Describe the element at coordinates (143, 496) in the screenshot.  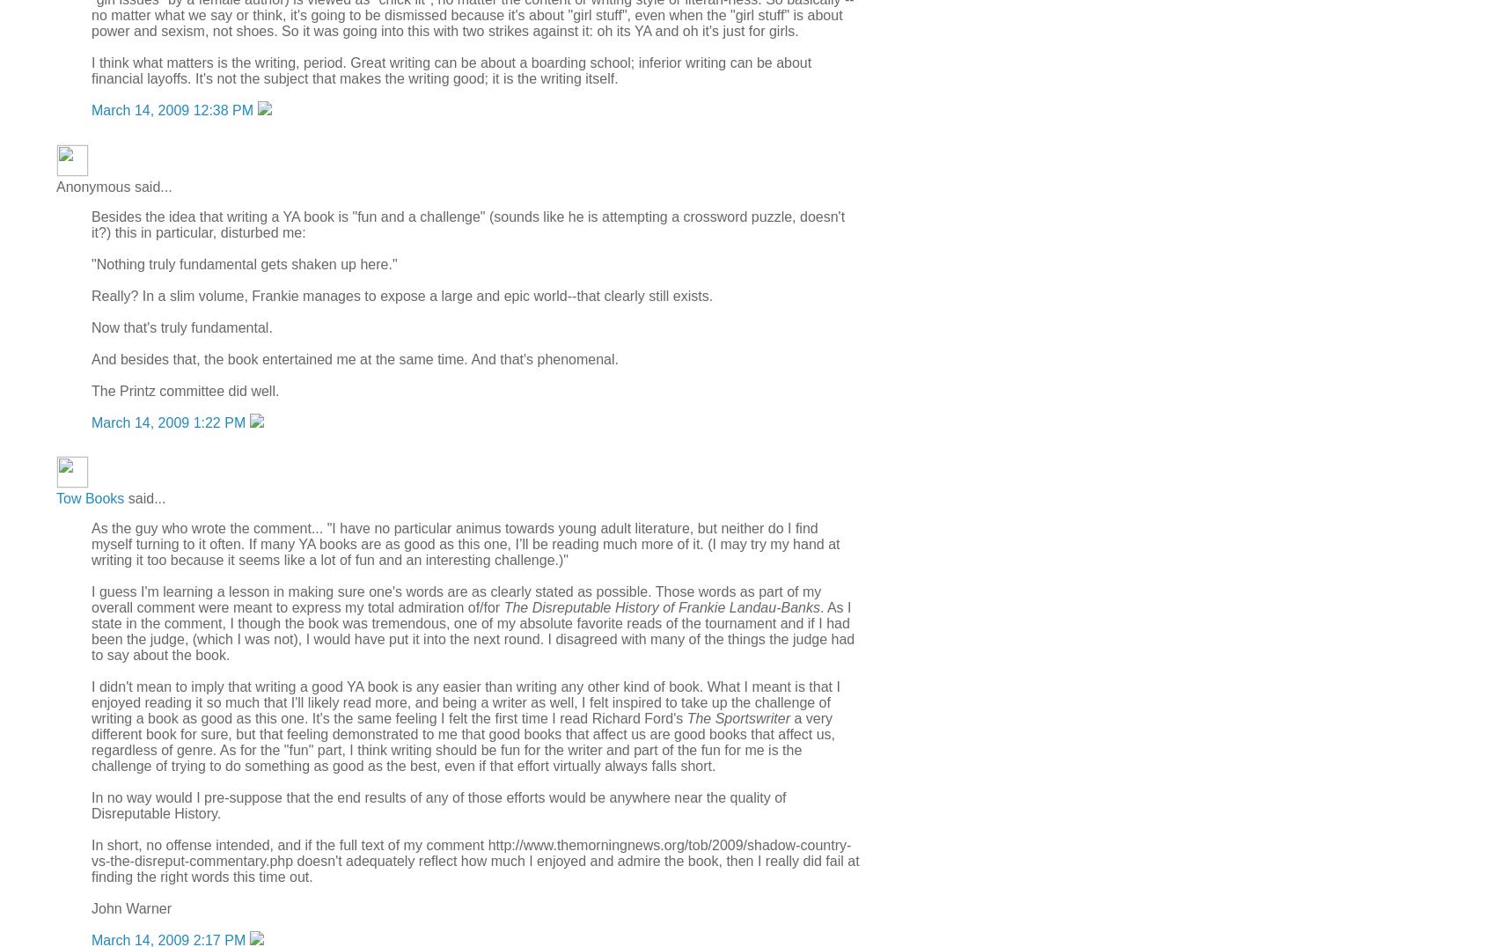
I see `'said...'` at that location.